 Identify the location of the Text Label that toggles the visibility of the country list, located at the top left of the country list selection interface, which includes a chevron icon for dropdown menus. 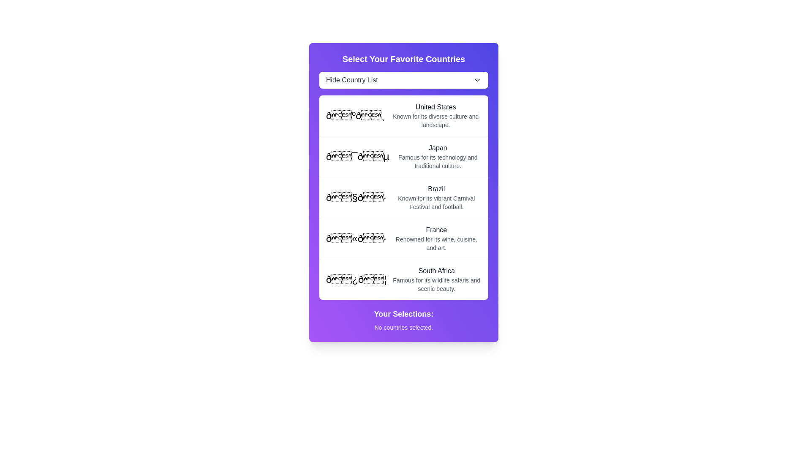
(352, 80).